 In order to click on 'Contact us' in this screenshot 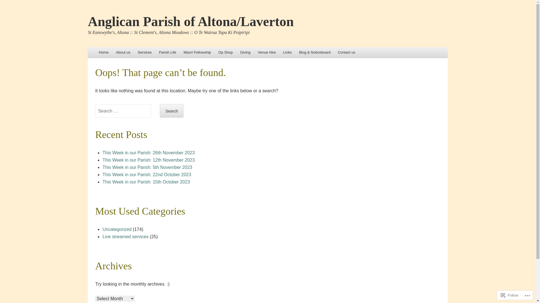, I will do `click(346, 52)`.